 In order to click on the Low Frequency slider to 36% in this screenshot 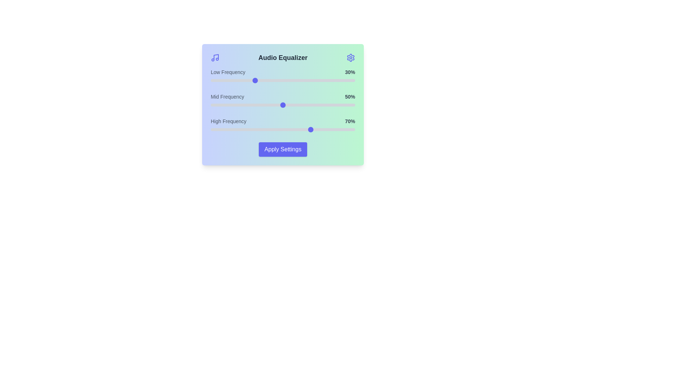, I will do `click(262, 81)`.